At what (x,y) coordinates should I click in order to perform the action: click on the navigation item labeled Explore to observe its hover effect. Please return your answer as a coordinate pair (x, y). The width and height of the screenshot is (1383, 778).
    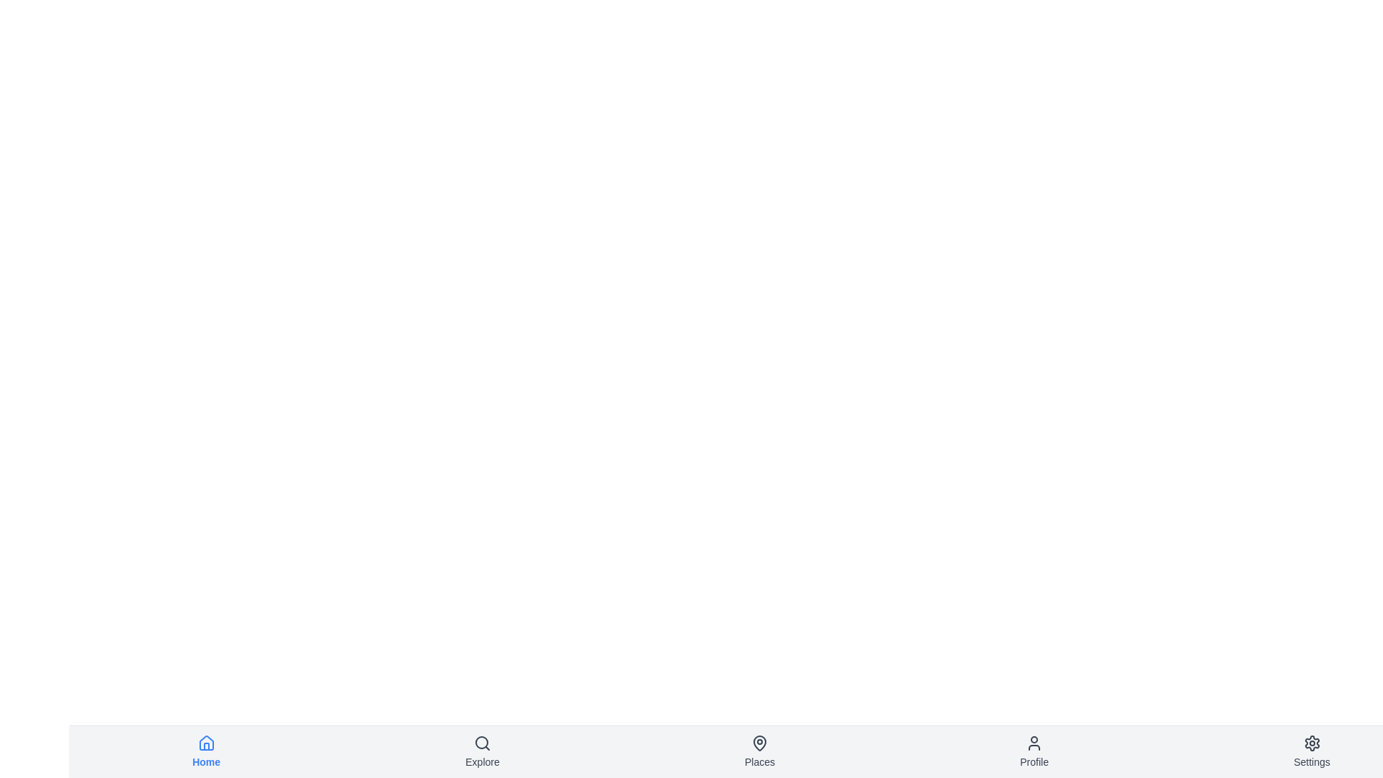
    Looking at the image, I should click on (483, 751).